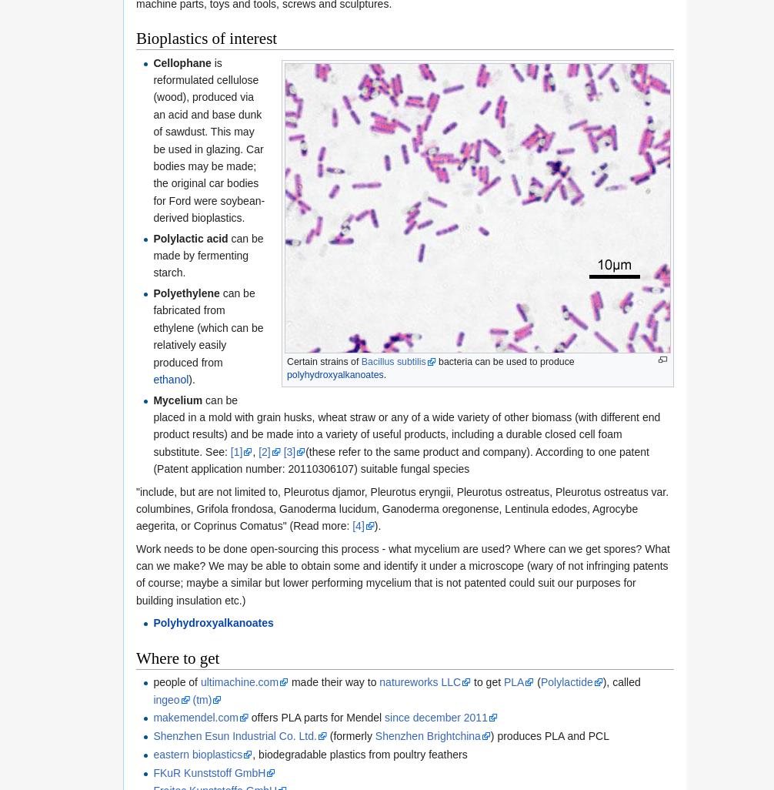 This screenshot has height=790, width=774. I want to click on '[1]', so click(235, 450).